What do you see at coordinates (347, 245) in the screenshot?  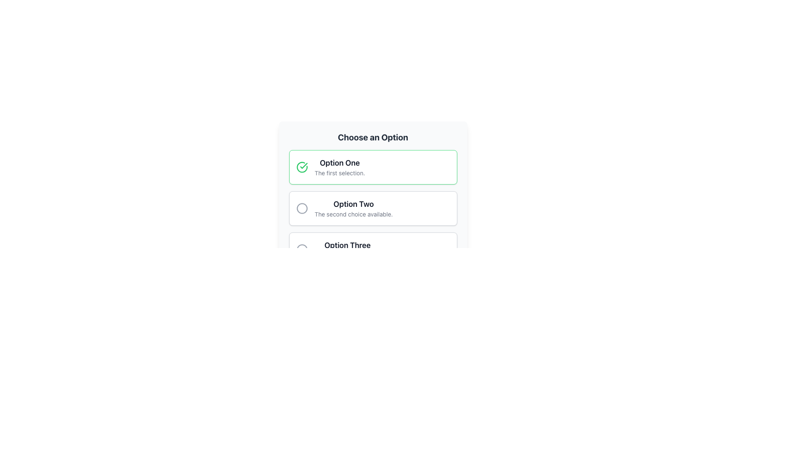 I see `text of the label identifying 'Option Three' in the 'Choose an Option' list` at bounding box center [347, 245].